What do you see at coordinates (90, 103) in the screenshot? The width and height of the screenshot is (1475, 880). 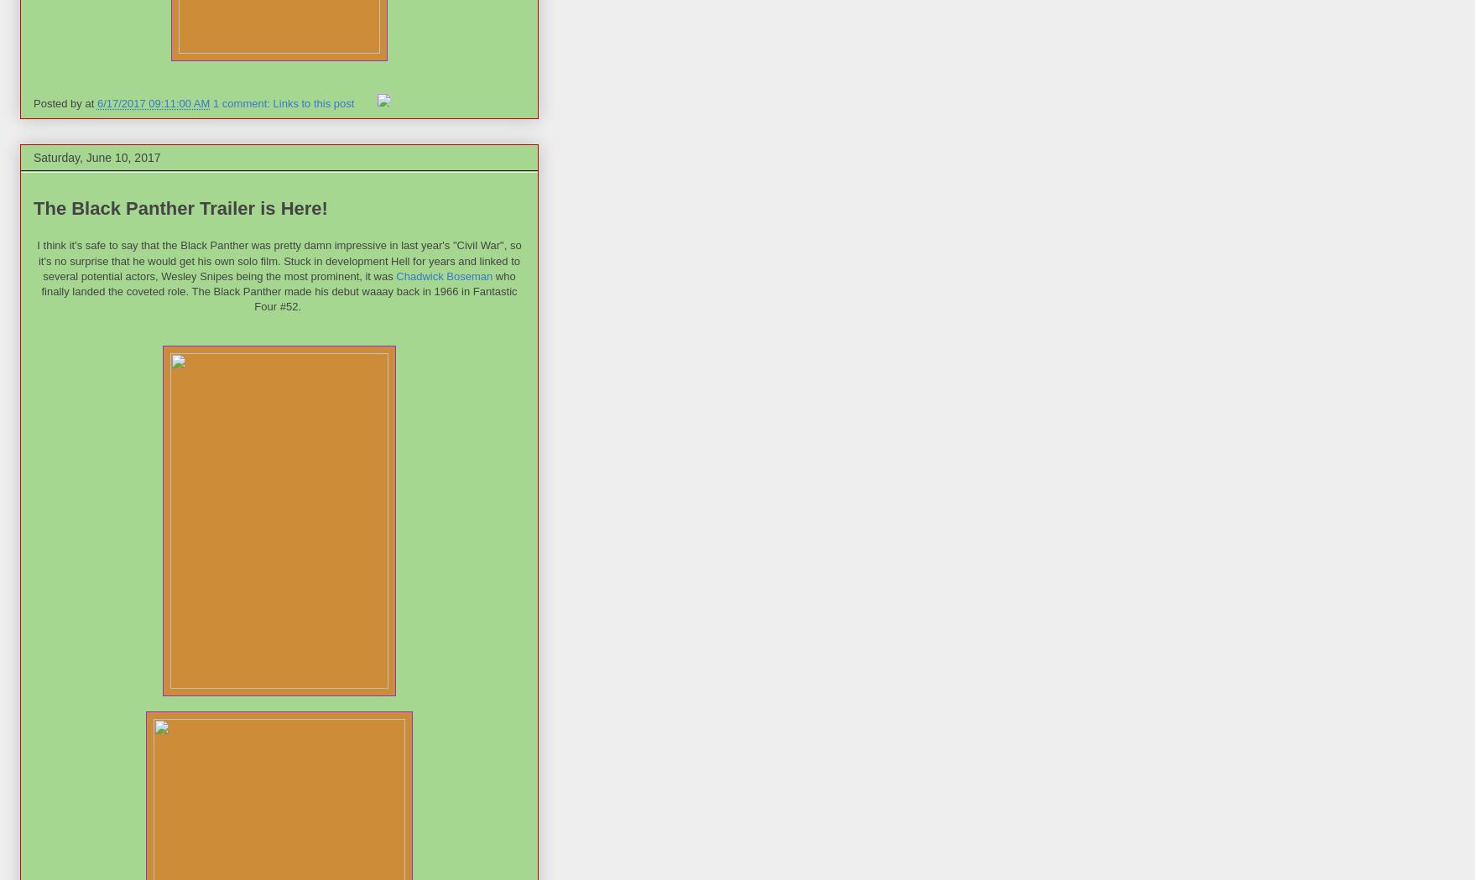 I see `'at'` at bounding box center [90, 103].